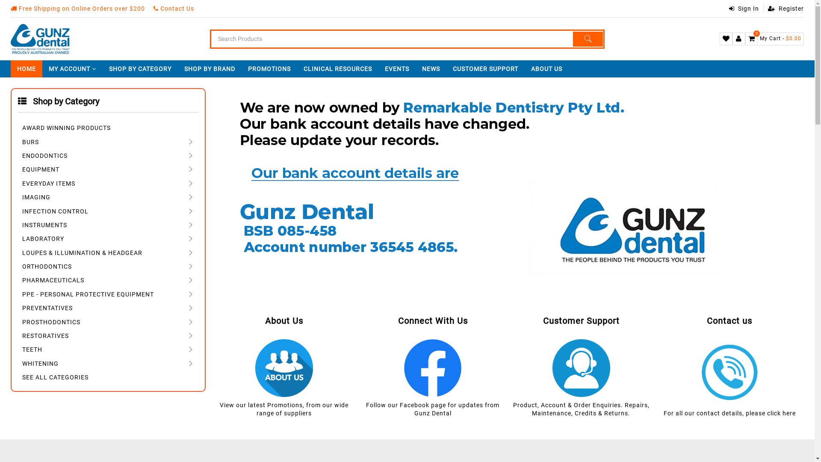  I want to click on 'View our latest Promotions, from our wide range of suppliers', so click(284, 409).